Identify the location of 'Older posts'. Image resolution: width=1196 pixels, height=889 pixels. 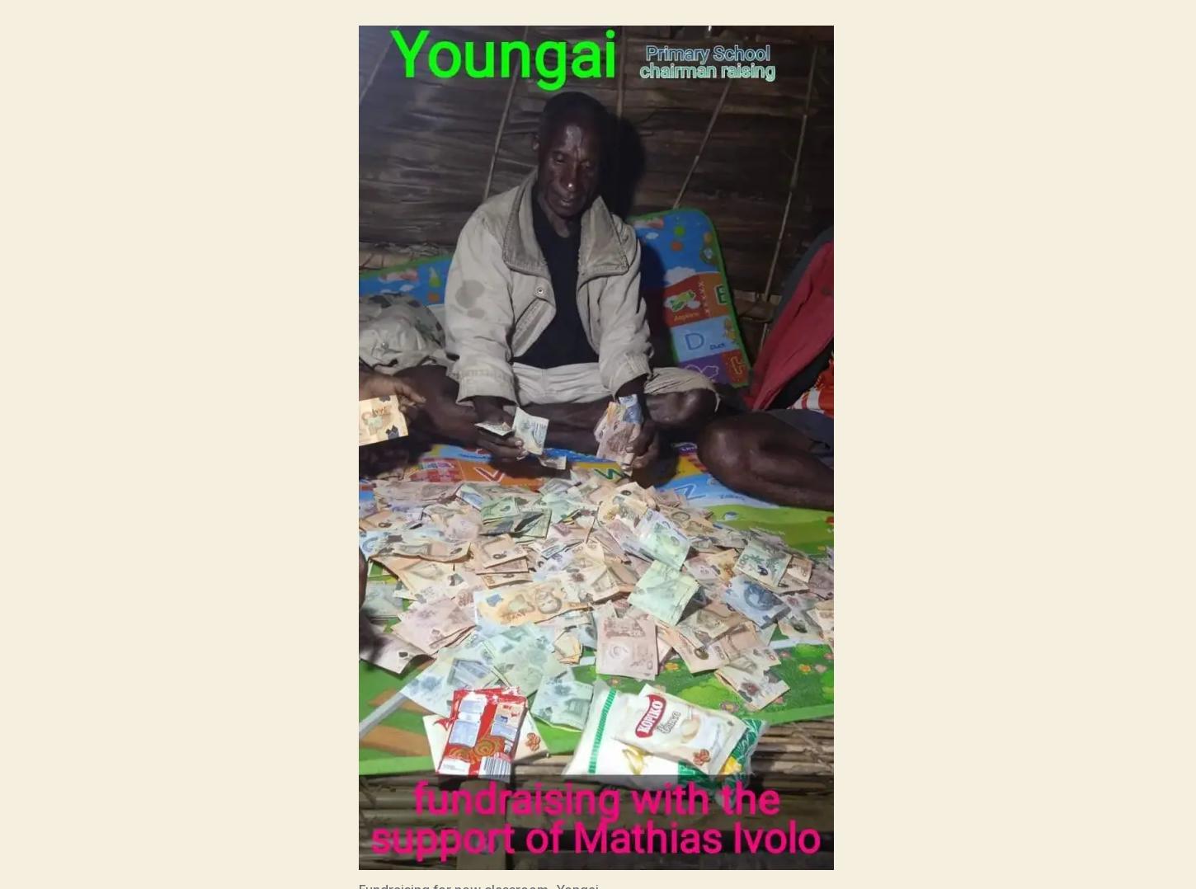
(596, 501).